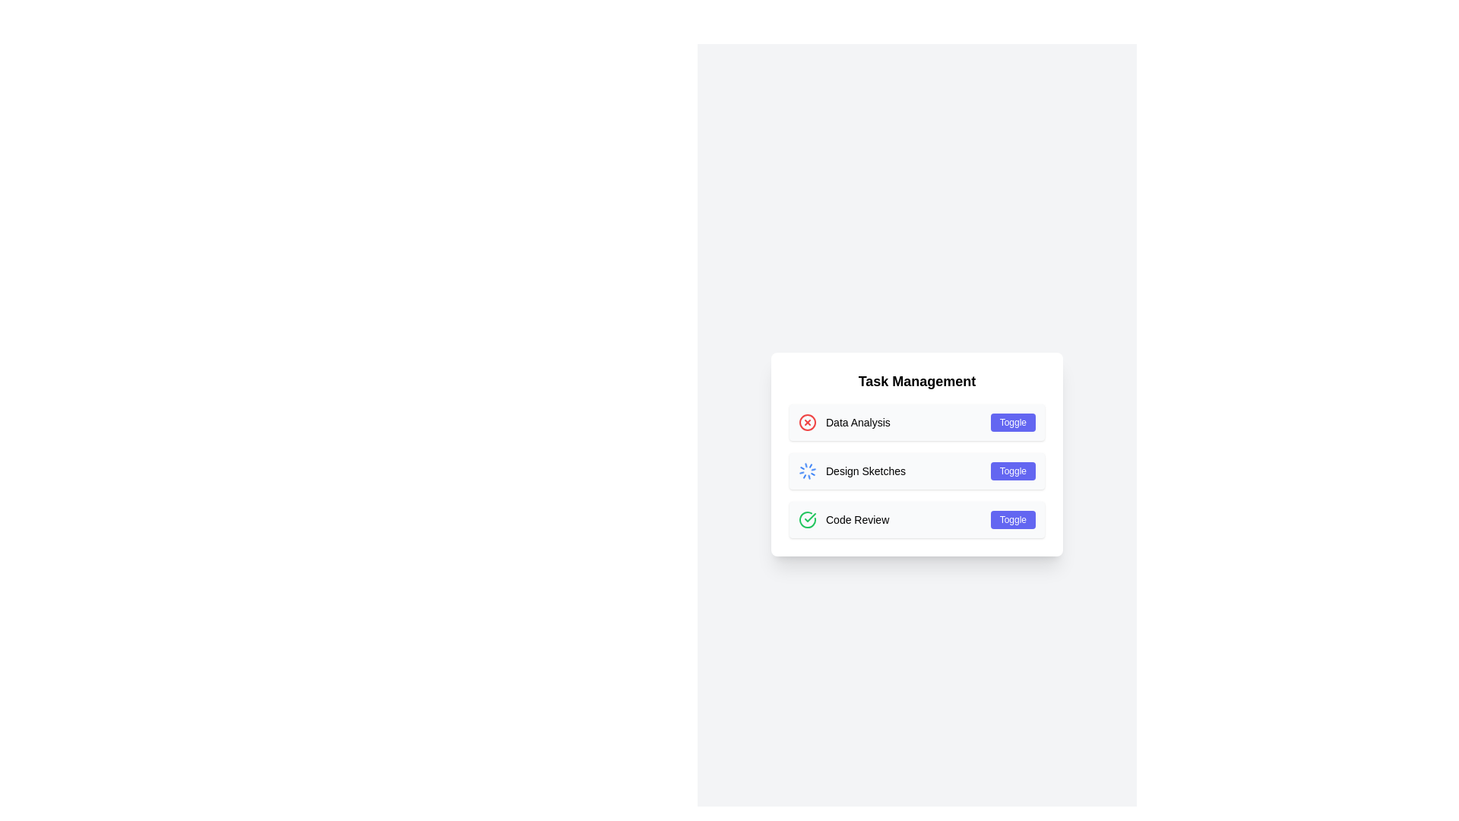 The image size is (1459, 821). What do you see at coordinates (916, 518) in the screenshot?
I see `the 'Code Review' task entry` at bounding box center [916, 518].